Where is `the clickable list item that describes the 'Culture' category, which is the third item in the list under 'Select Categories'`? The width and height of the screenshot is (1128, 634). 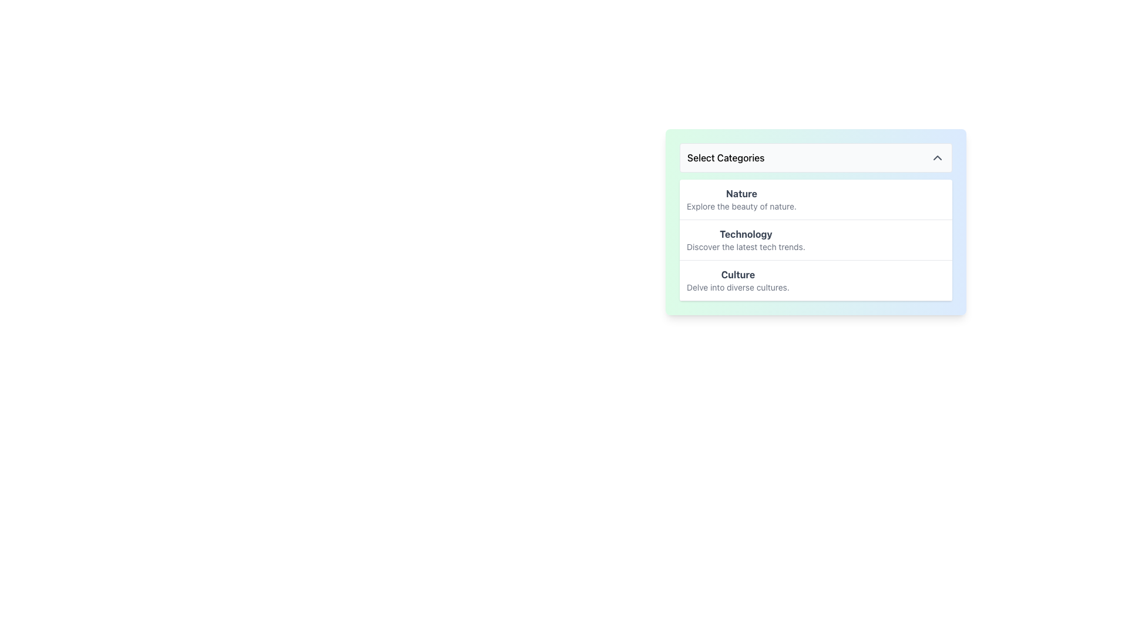 the clickable list item that describes the 'Culture' category, which is the third item in the list under 'Select Categories' is located at coordinates (815, 281).